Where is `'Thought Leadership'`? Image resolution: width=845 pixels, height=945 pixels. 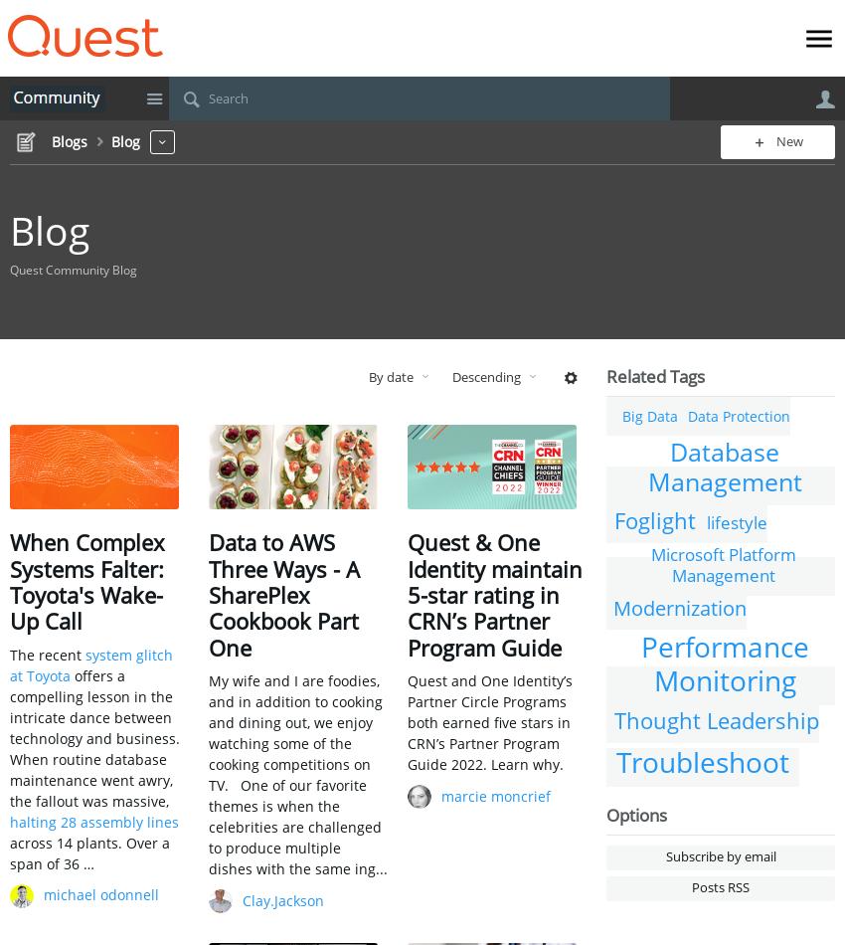
'Thought Leadership' is located at coordinates (715, 719).